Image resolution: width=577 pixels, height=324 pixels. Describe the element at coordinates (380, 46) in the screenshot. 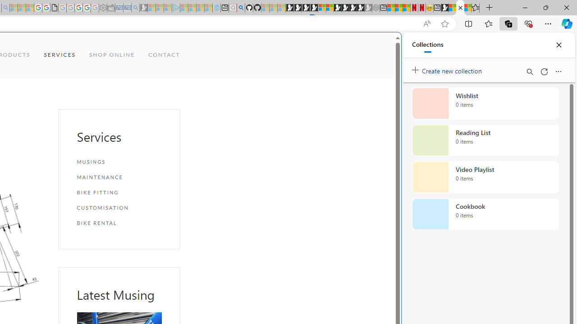

I see `'Close split screen'` at that location.